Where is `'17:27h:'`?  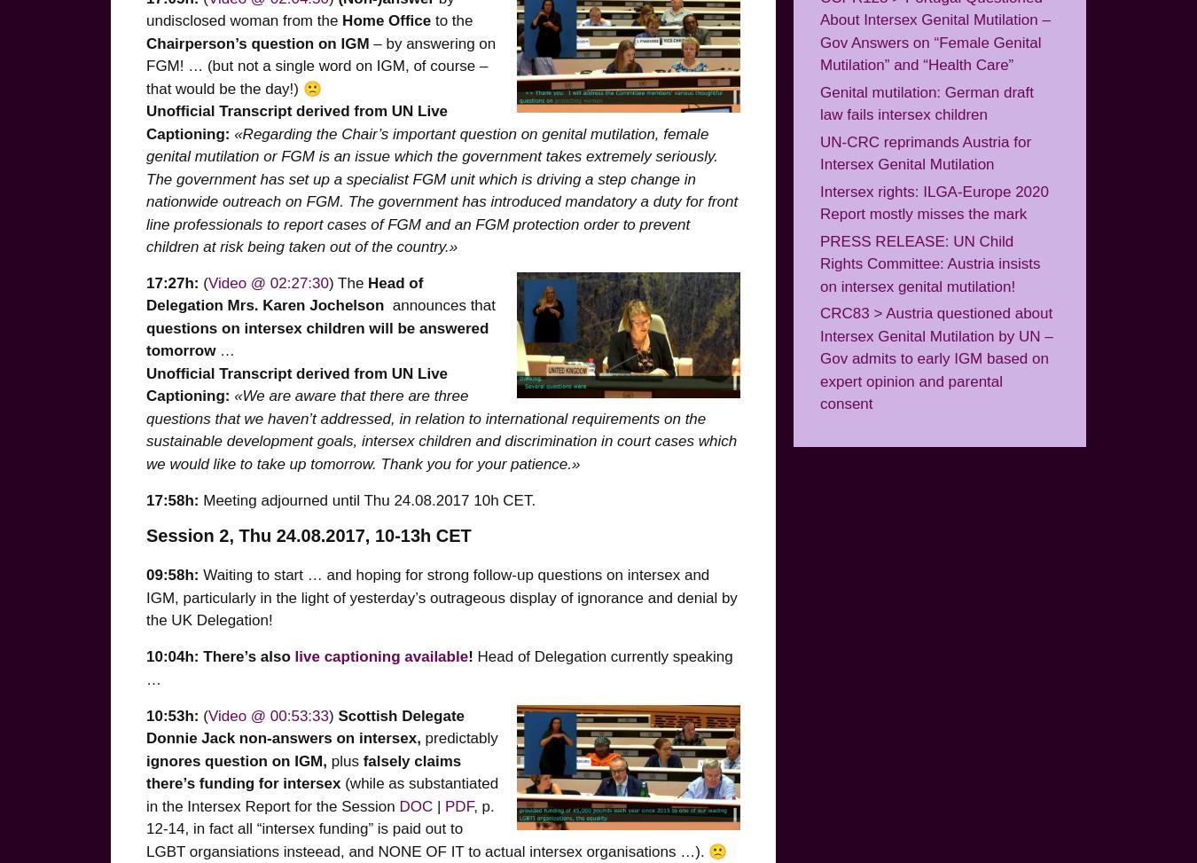 '17:27h:' is located at coordinates (172, 282).